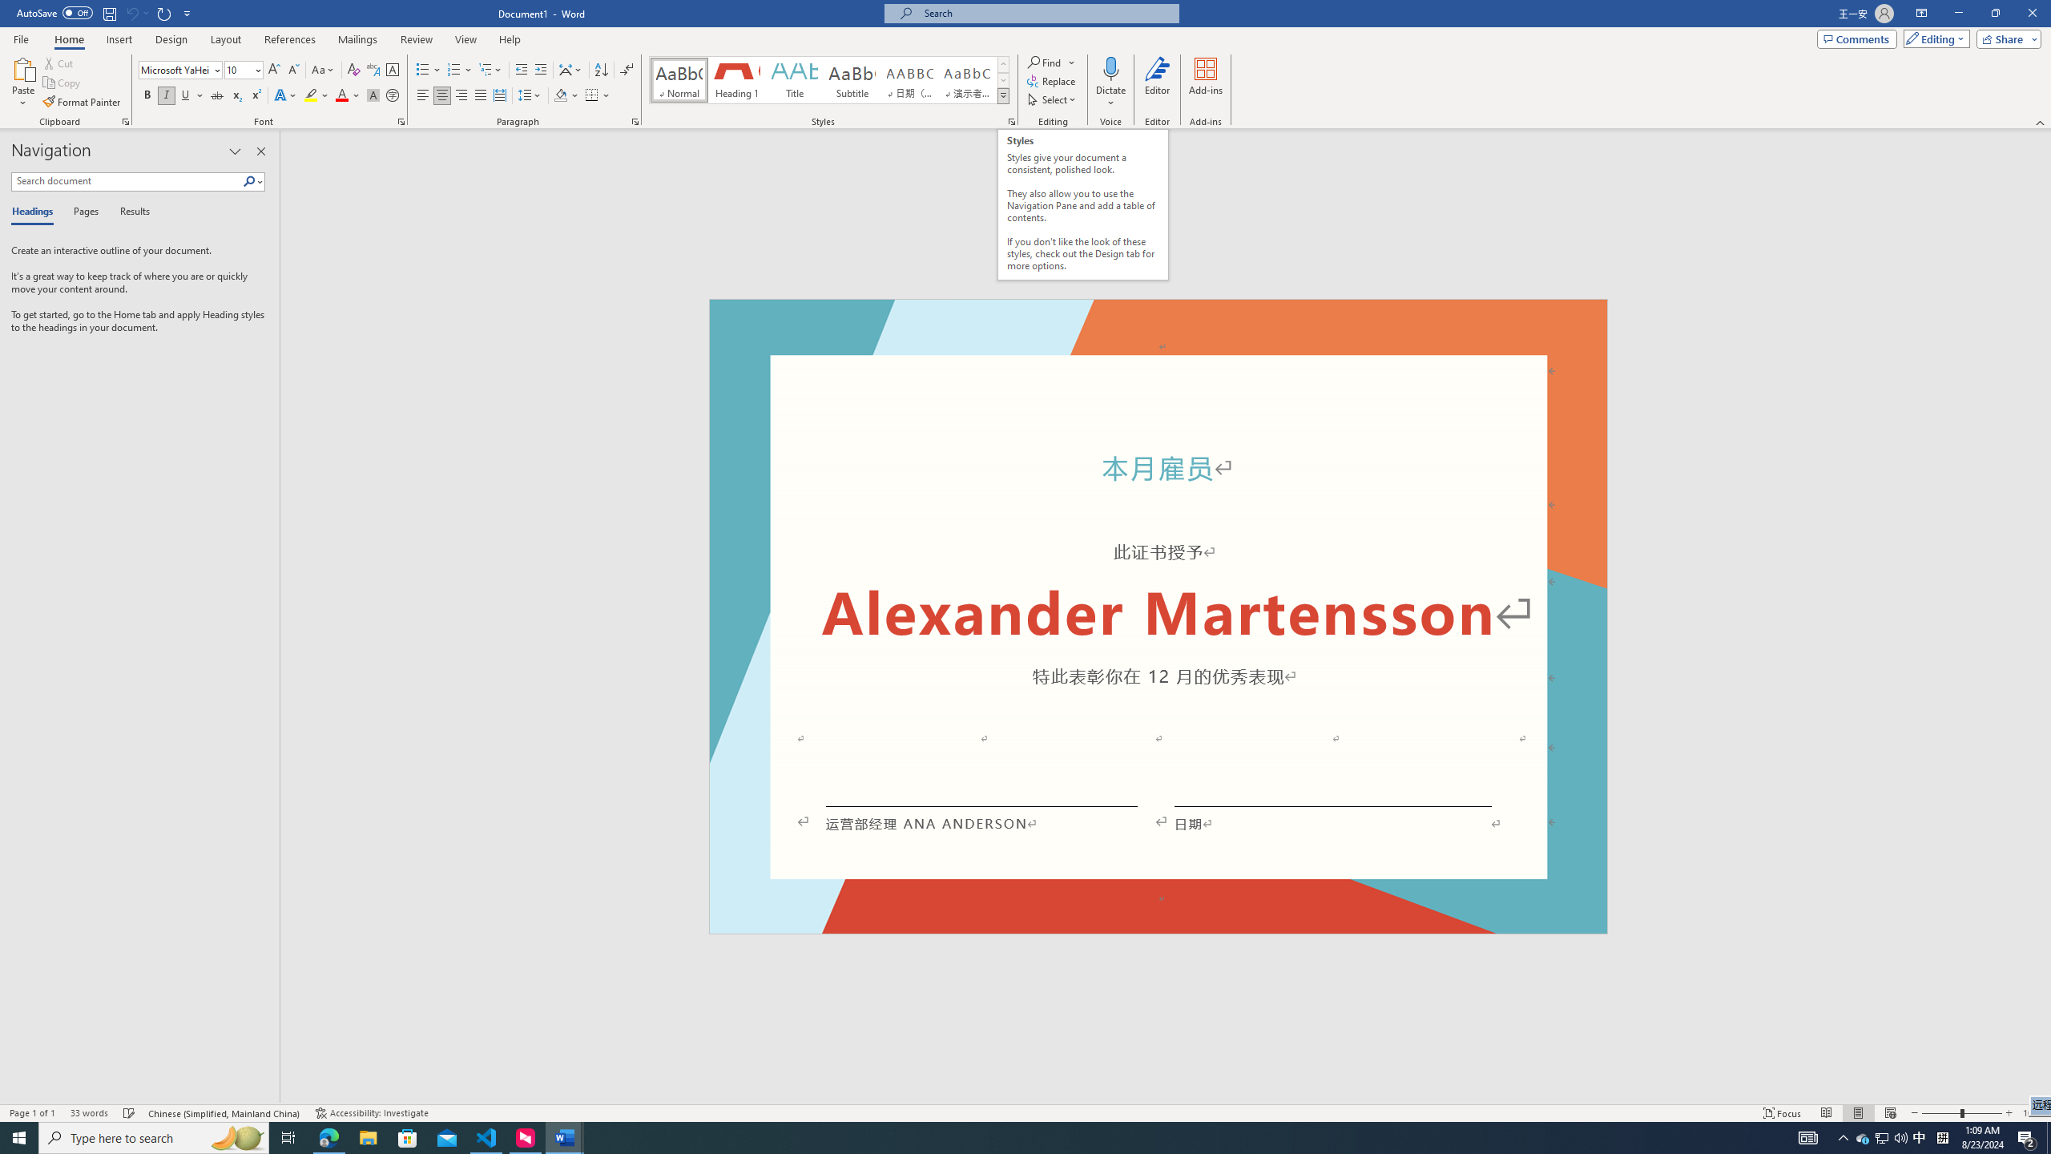  What do you see at coordinates (601, 70) in the screenshot?
I see `'Sort...'` at bounding box center [601, 70].